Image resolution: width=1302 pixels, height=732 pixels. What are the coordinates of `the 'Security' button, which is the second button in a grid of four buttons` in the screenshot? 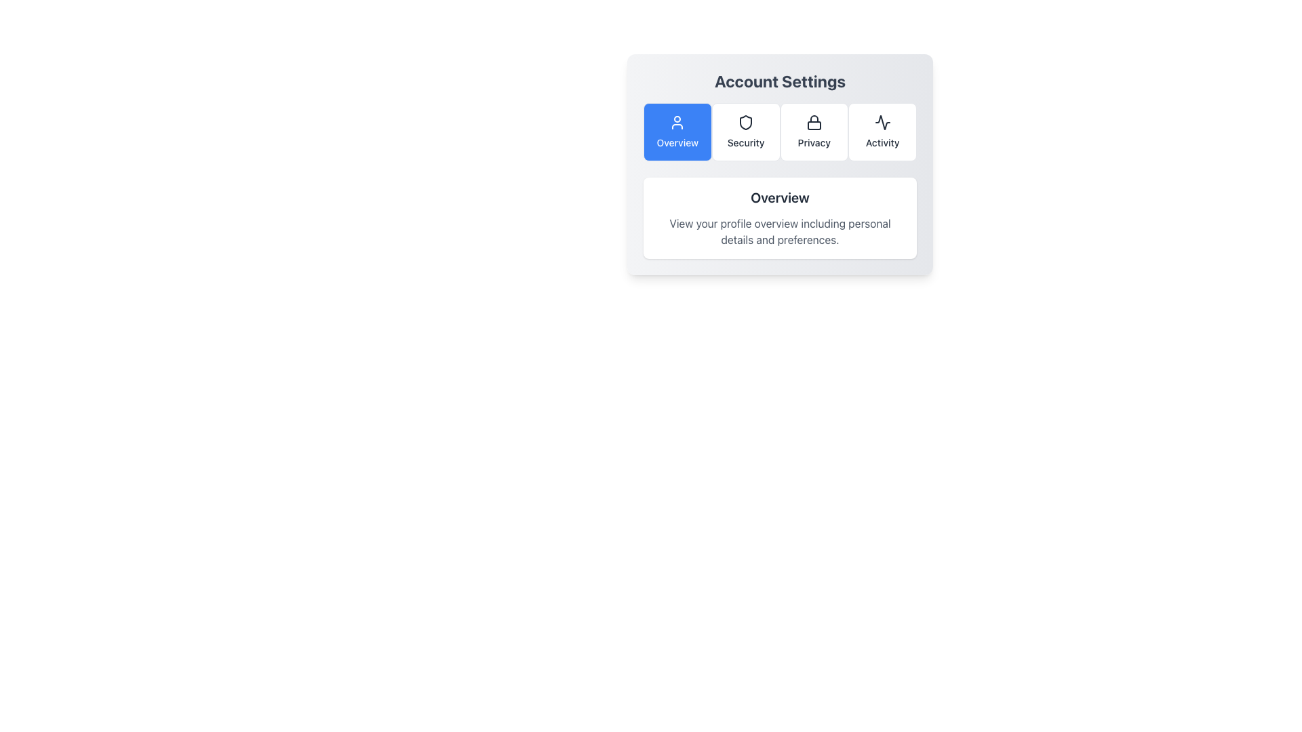 It's located at (745, 132).